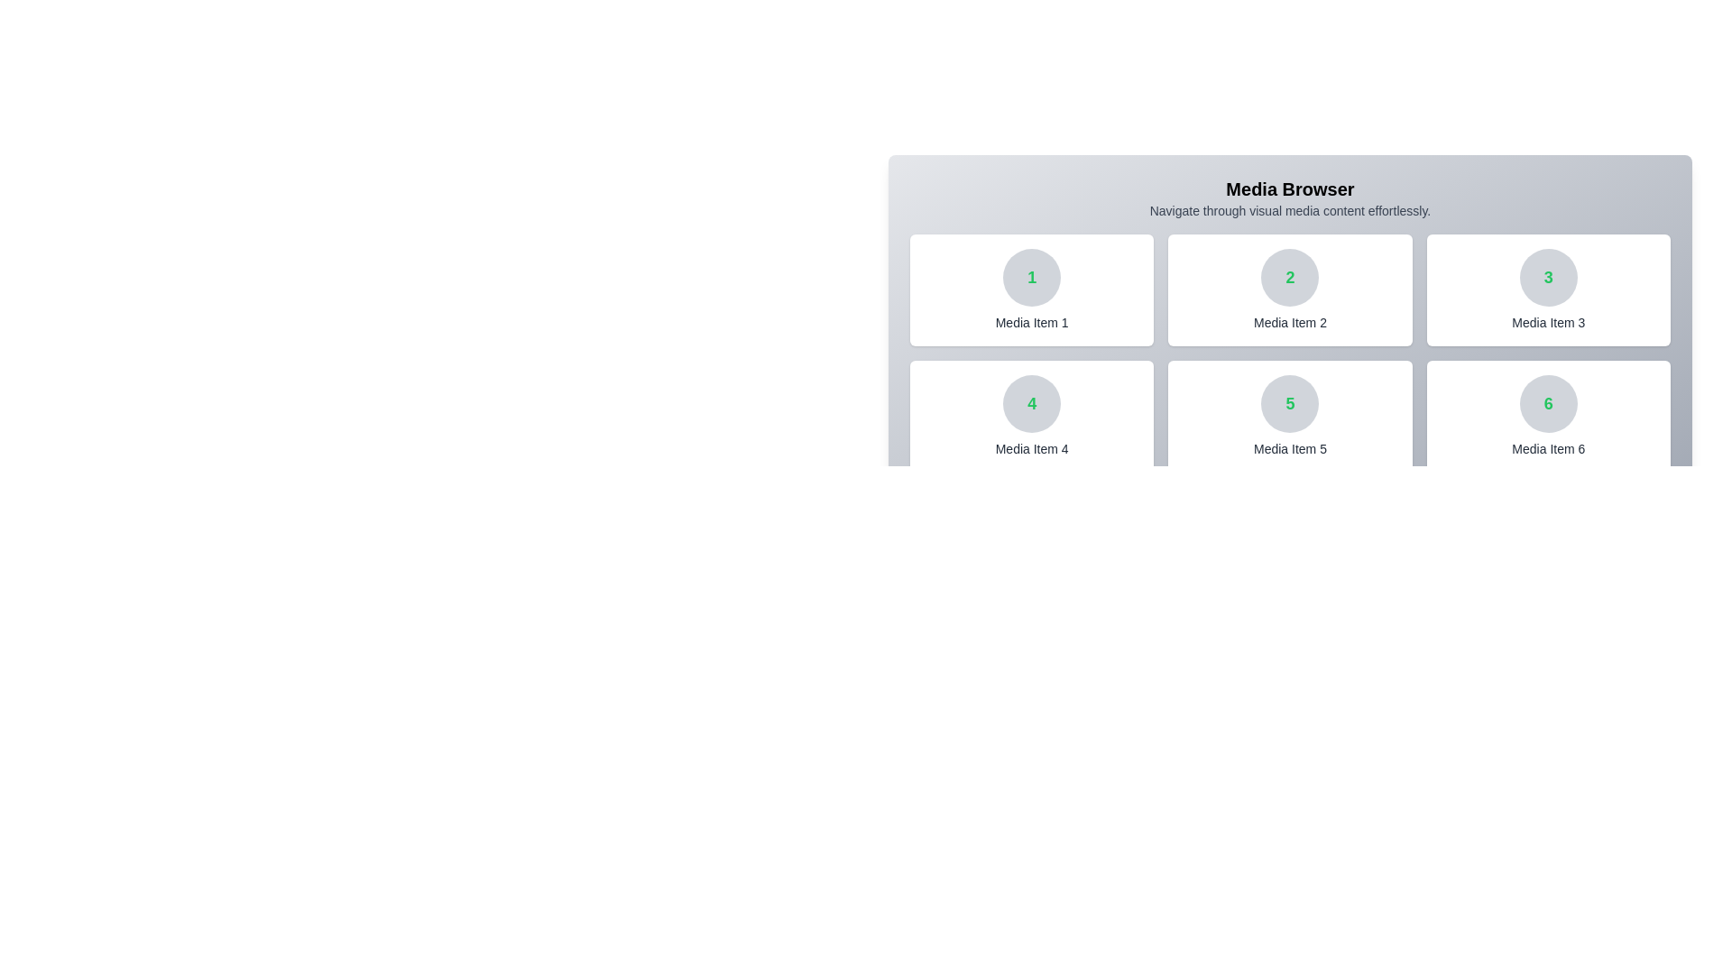  I want to click on the green numeral '3' displayed in bold text within the light gray circular button in the Media Browser interface, so click(1547, 278).